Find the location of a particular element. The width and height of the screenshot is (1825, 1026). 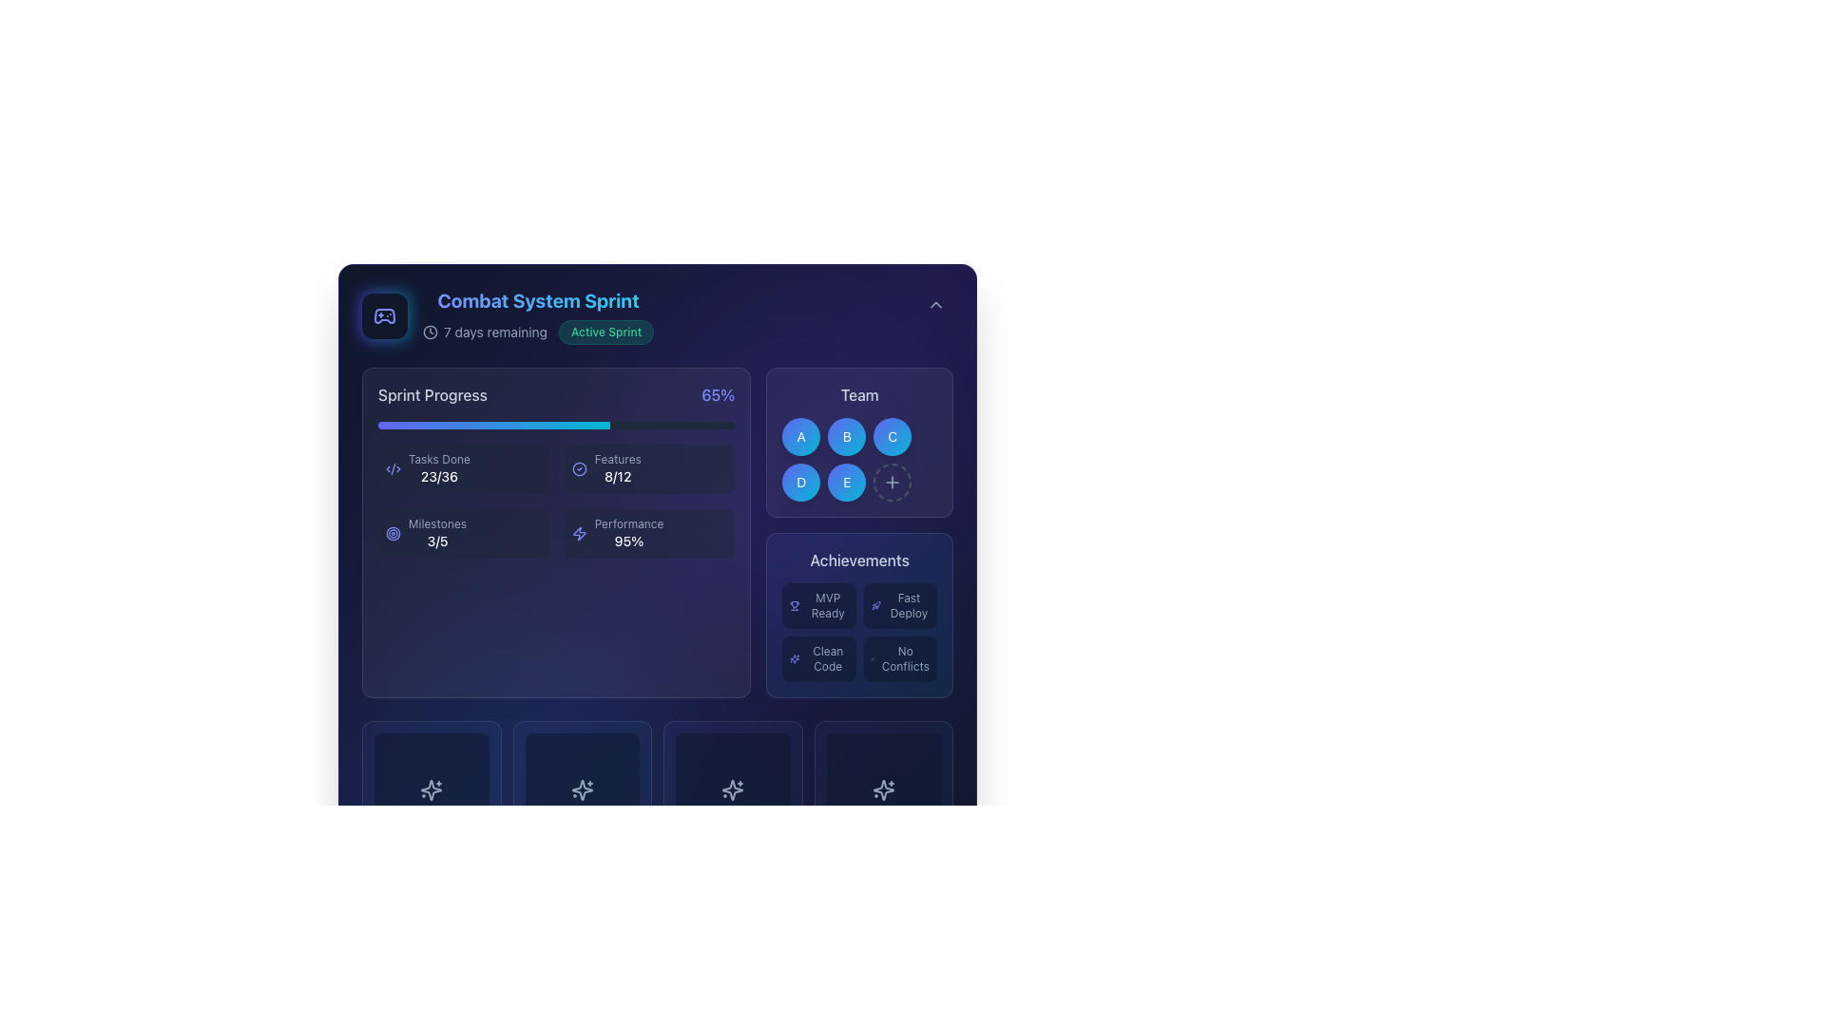

the SVG graphic icon that visually represents the sprint feature in the dashboard section titled 'Combat System Sprint' is located at coordinates (383, 314).